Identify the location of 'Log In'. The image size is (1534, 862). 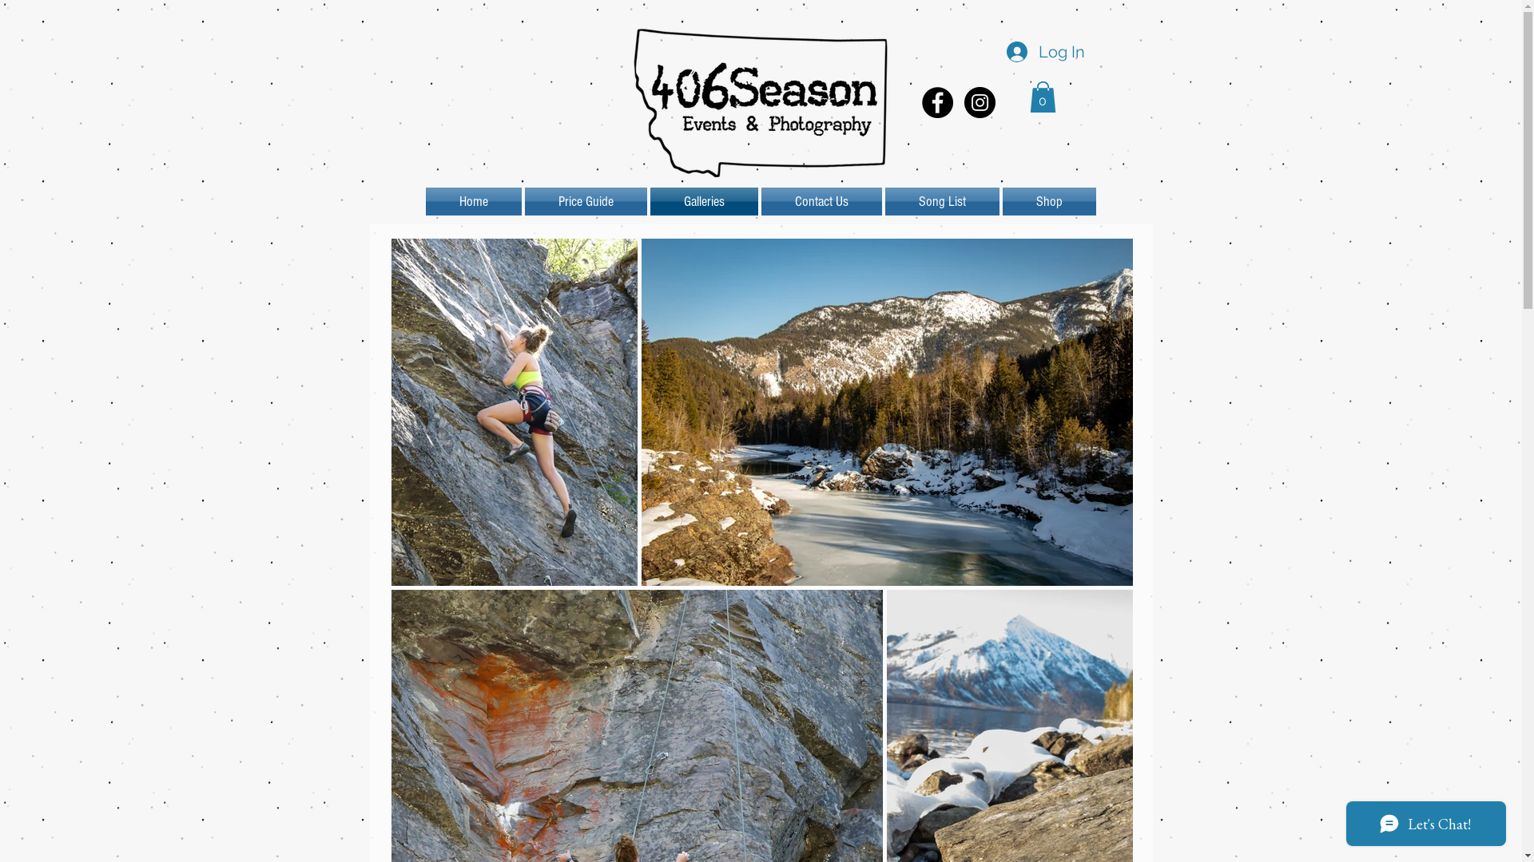
(1043, 51).